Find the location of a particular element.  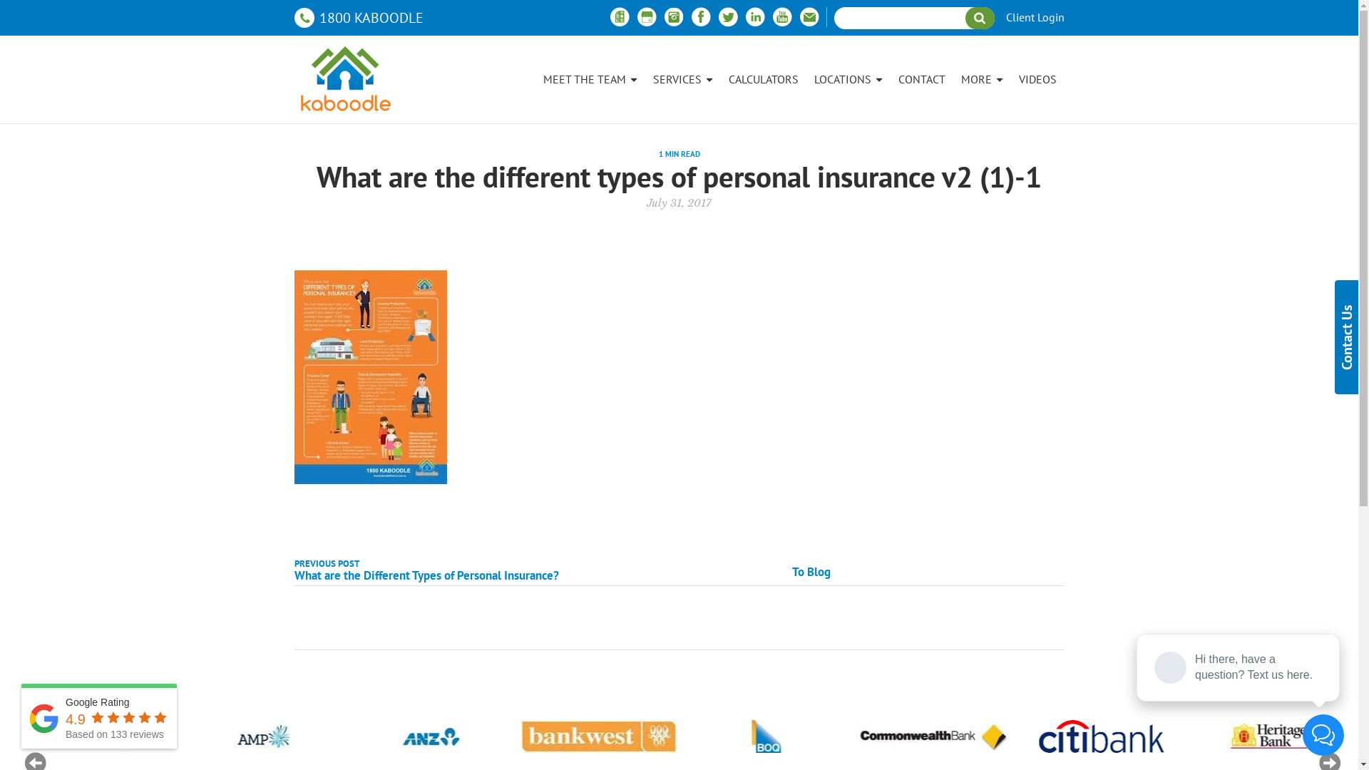

'Logo 06' is located at coordinates (764, 736).